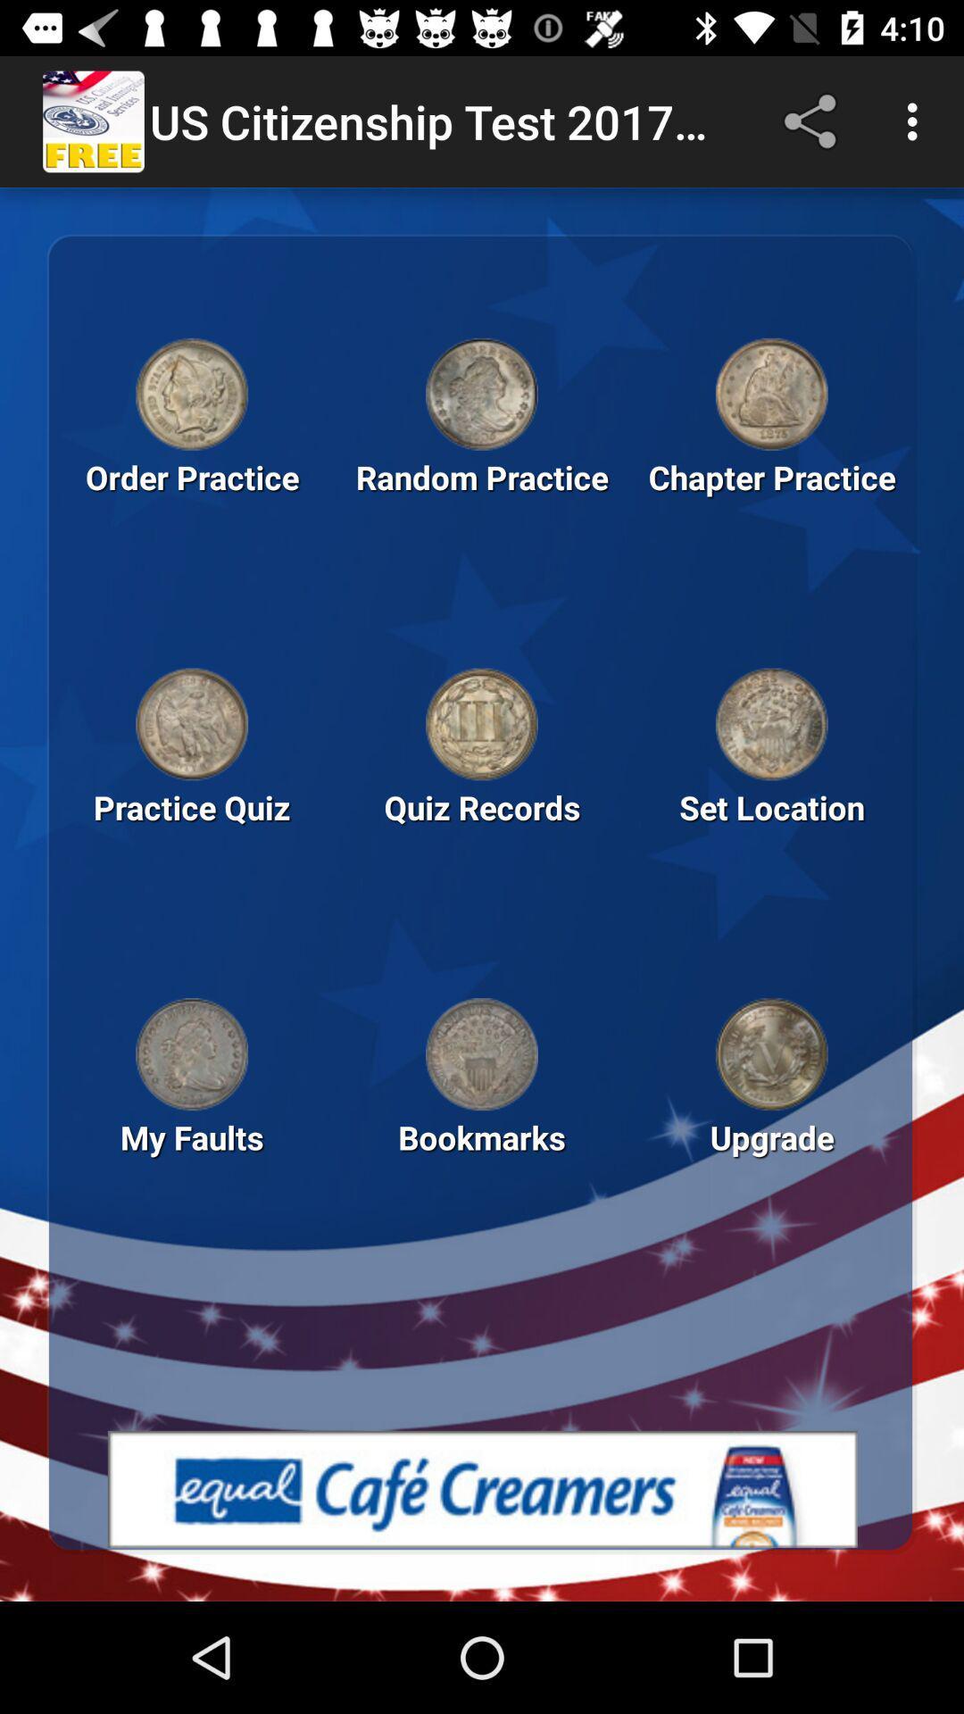 This screenshot has width=964, height=1714. Describe the element at coordinates (482, 393) in the screenshot. I see `open random practice` at that location.